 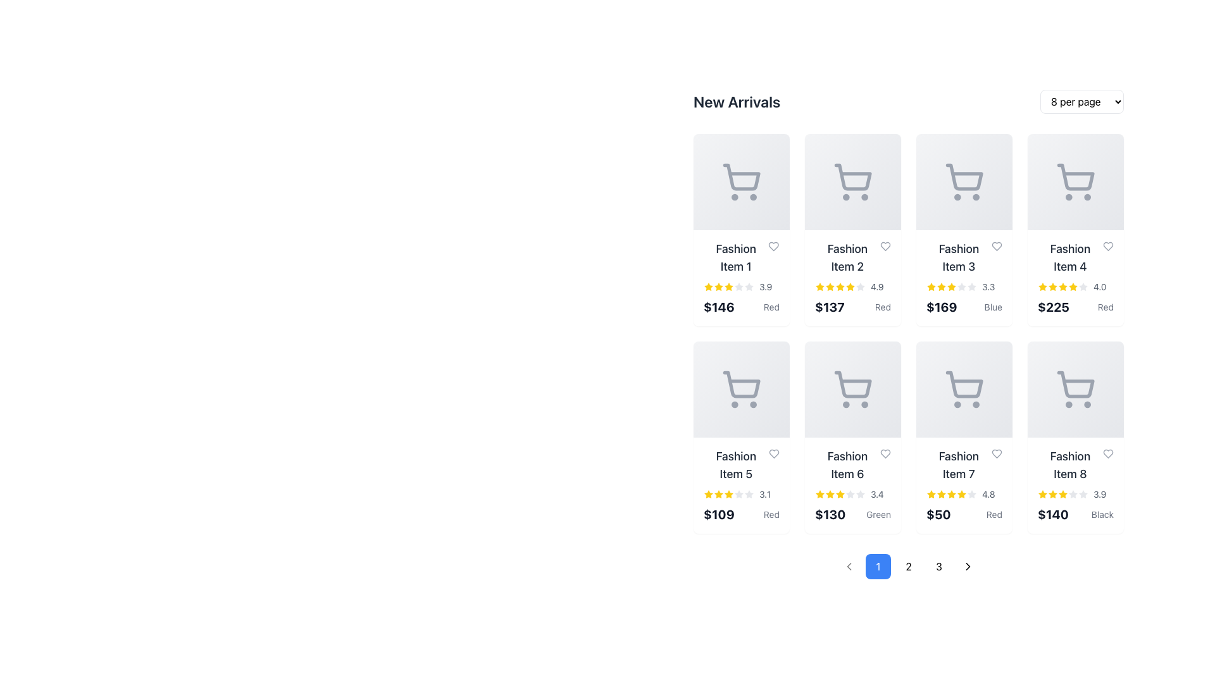 I want to click on the fourth star icon in the product rating system for 'Fashion Item 4', located in the top-right corner of the second row in the product grid, so click(x=1063, y=287).